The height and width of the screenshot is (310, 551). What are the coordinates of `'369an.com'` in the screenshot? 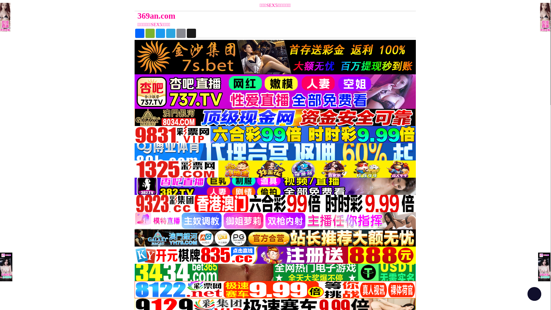 It's located at (240, 15).